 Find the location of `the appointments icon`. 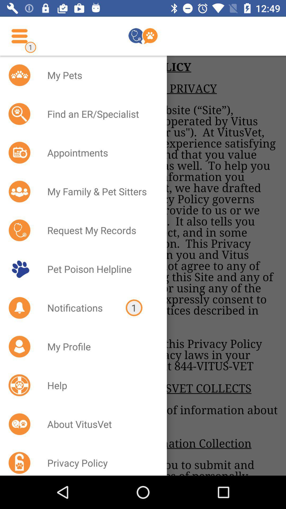

the appointments icon is located at coordinates (100, 152).